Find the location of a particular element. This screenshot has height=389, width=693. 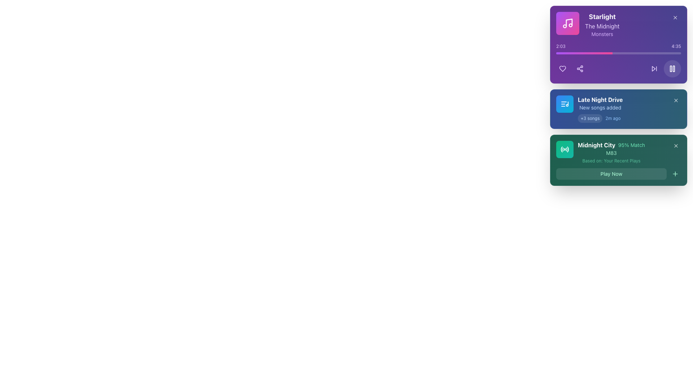

the leftmost curve segment of the radio icon within the green 'Midnight City' card interface is located at coordinates (561, 149).